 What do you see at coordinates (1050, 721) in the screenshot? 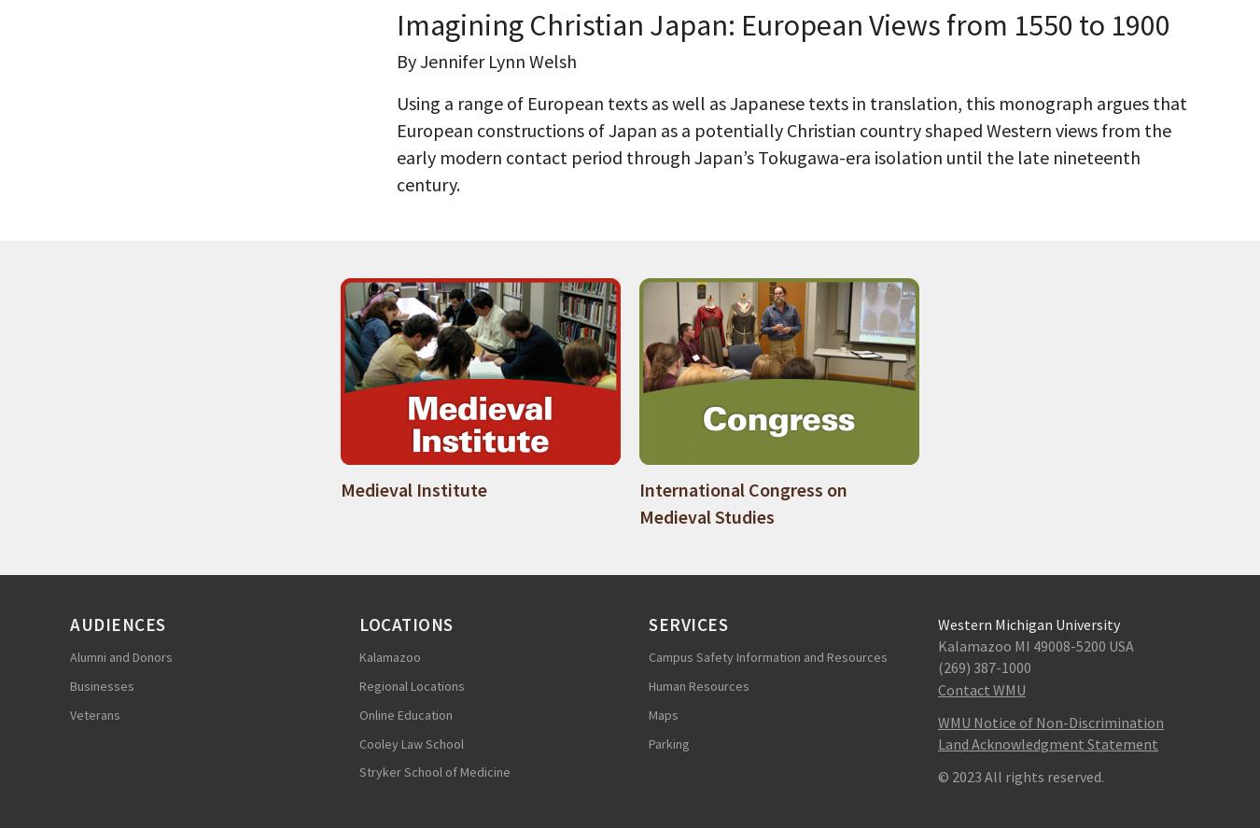
I see `'WMU Notice of Non-Discrimination'` at bounding box center [1050, 721].